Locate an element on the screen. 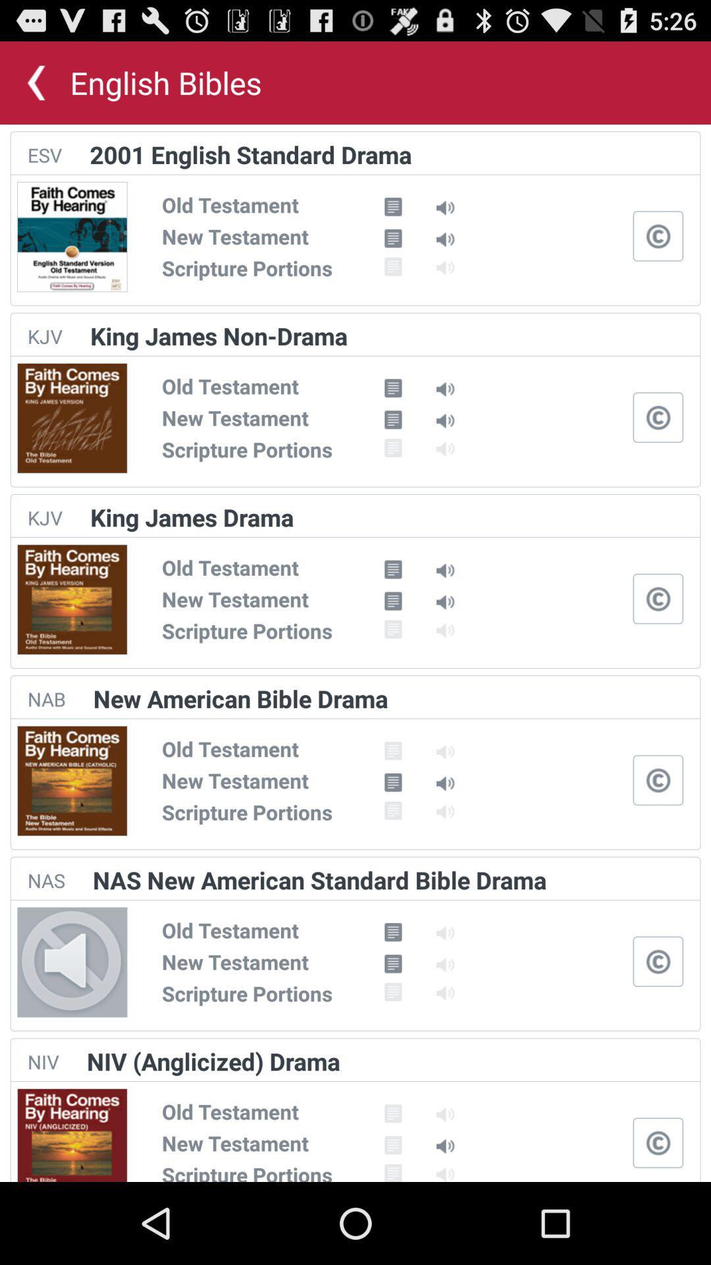 The image size is (711, 1265). the 2001 english standard item is located at coordinates (251, 154).